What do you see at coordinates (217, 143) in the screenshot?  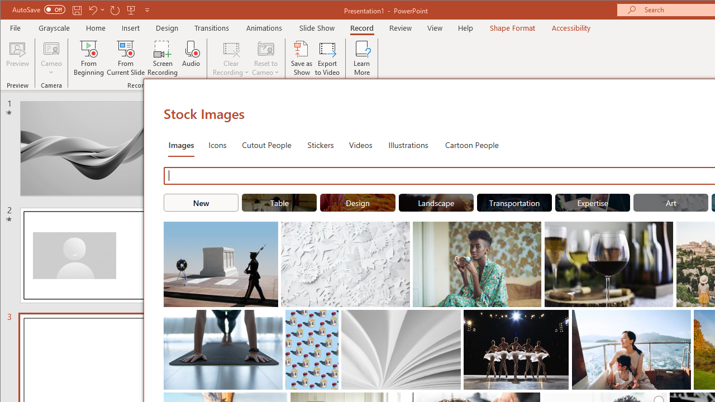 I see `'Icons'` at bounding box center [217, 143].